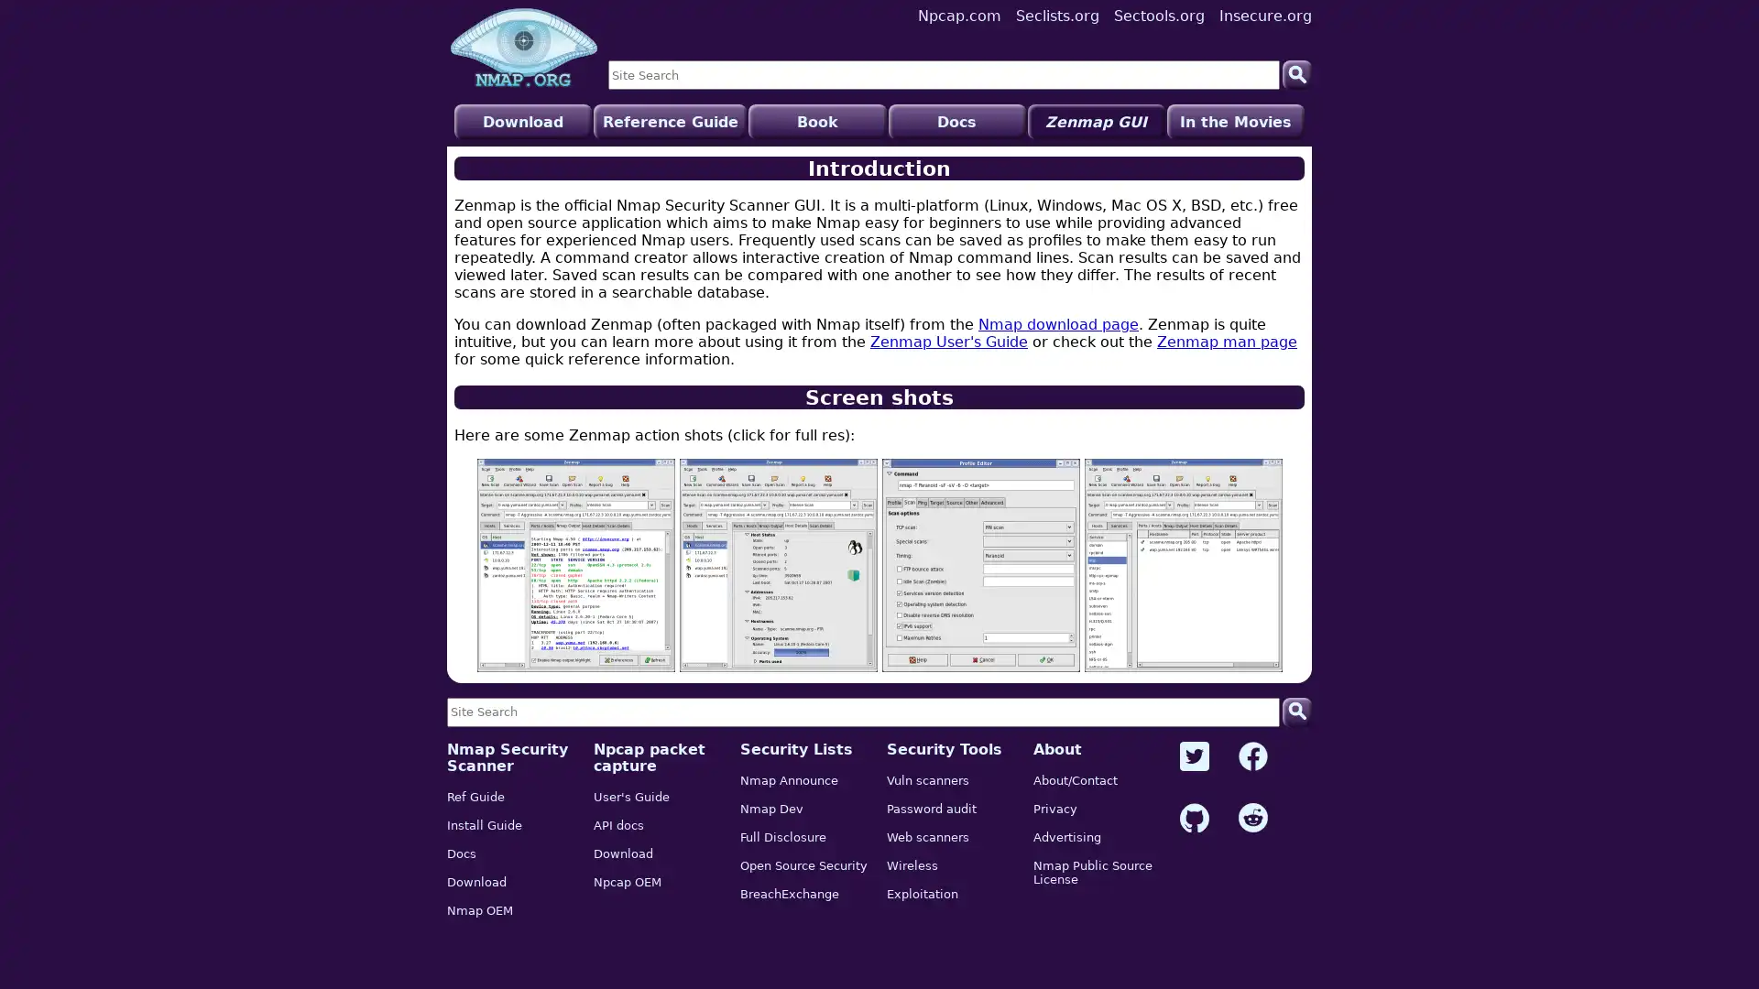 Image resolution: width=1759 pixels, height=989 pixels. I want to click on Search, so click(1296, 73).